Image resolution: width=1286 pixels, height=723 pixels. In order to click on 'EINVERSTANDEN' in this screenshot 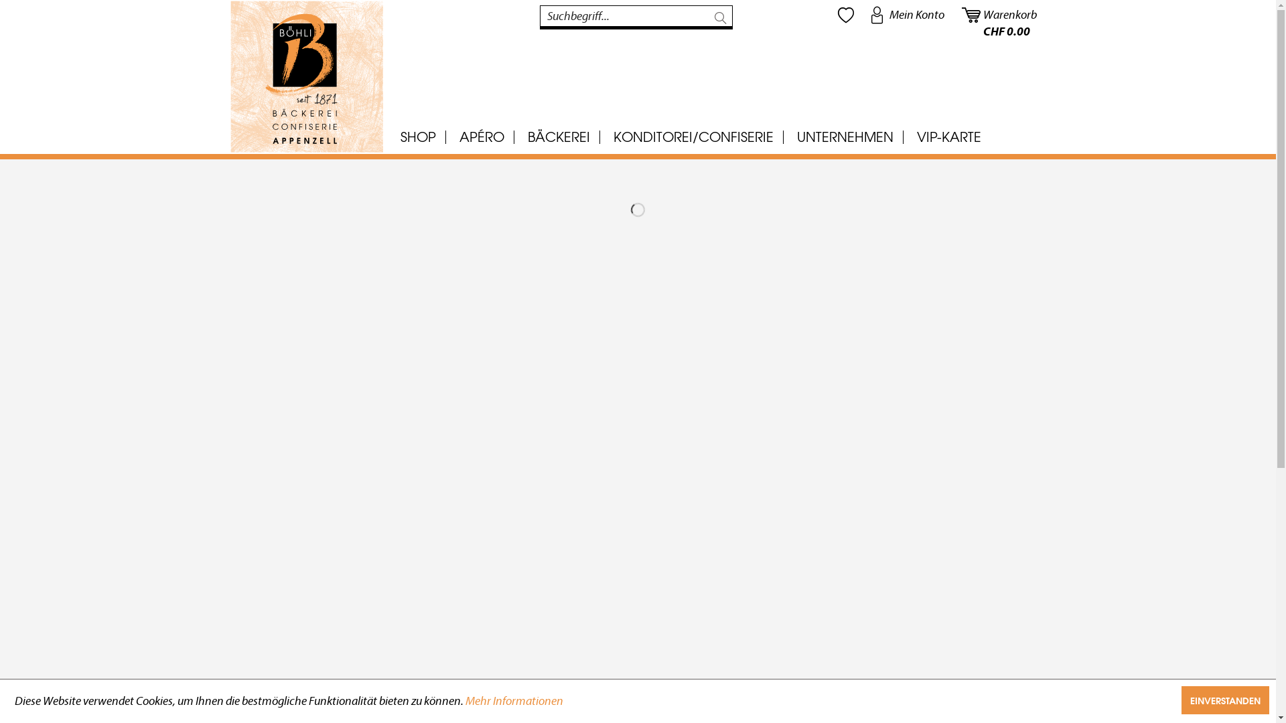, I will do `click(1225, 699)`.